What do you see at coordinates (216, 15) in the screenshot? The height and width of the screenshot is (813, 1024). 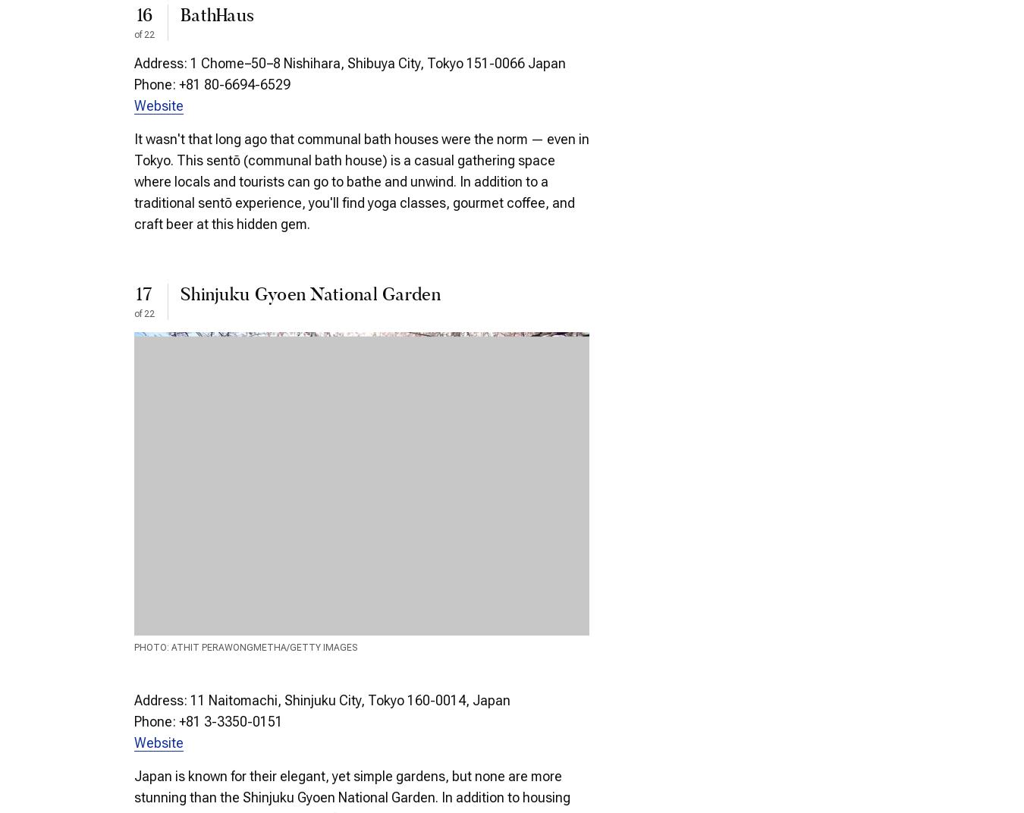 I see `'BathHaus'` at bounding box center [216, 15].